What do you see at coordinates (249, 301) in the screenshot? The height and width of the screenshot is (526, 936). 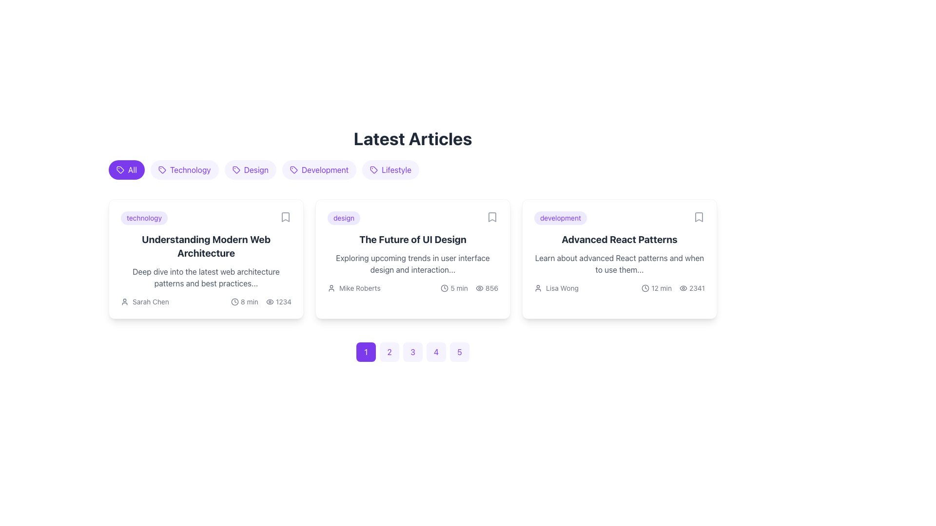 I see `the static text label displaying '8 min', which is horizontally aligned next to a clock icon within the first article card under the 'Latest Articles' section` at bounding box center [249, 301].